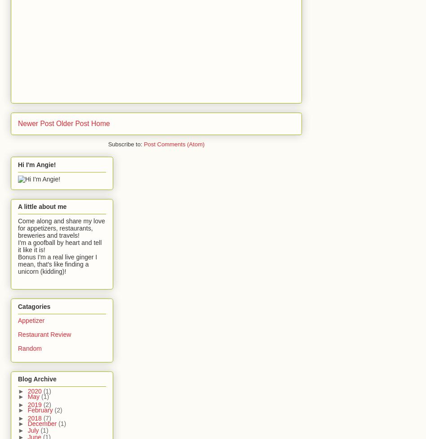 This screenshot has height=439, width=426. Describe the element at coordinates (37, 379) in the screenshot. I see `'Blog Archive'` at that location.